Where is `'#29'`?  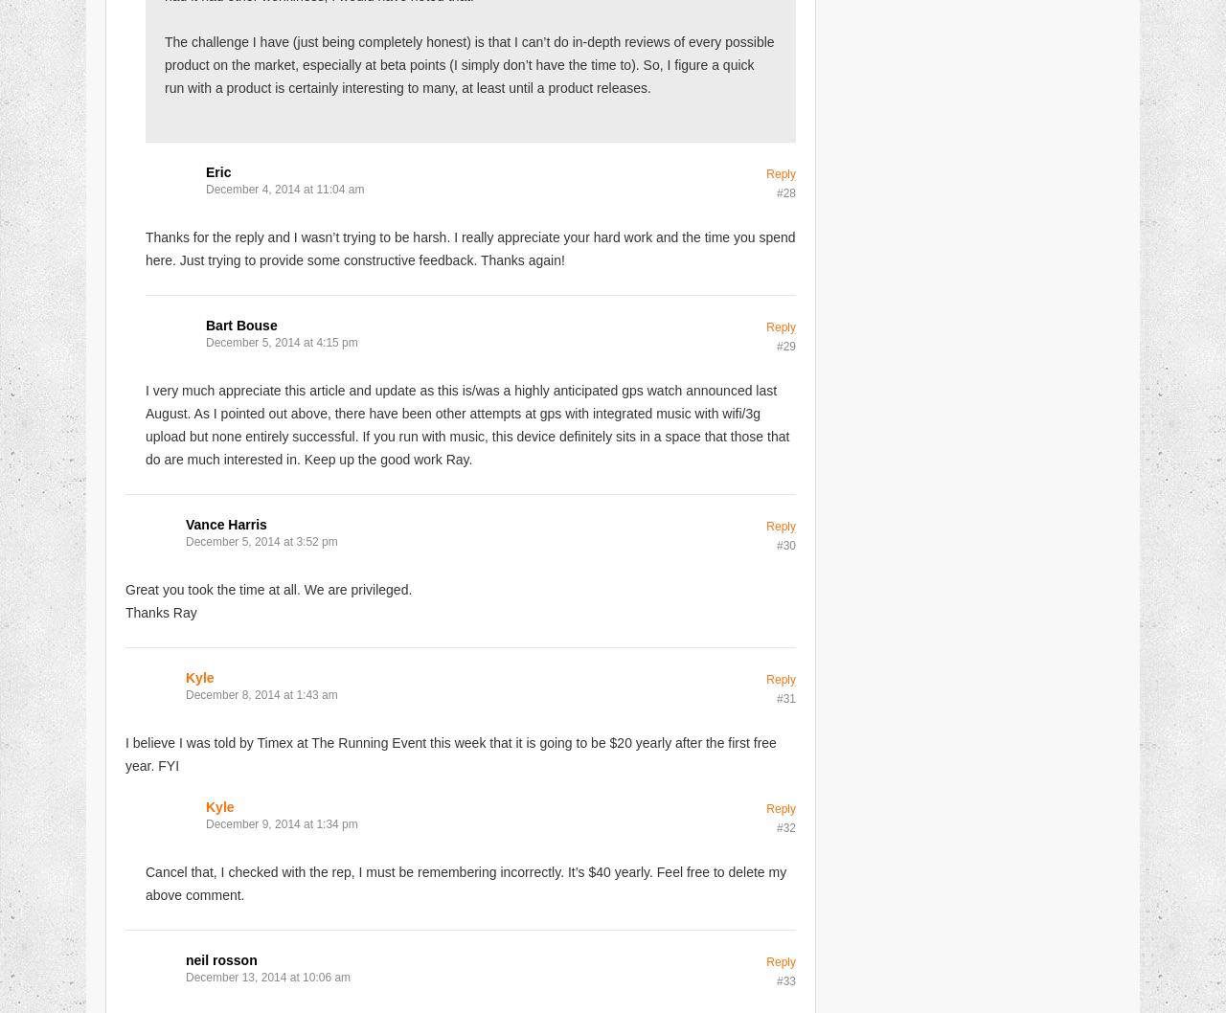
'#29' is located at coordinates (785, 345).